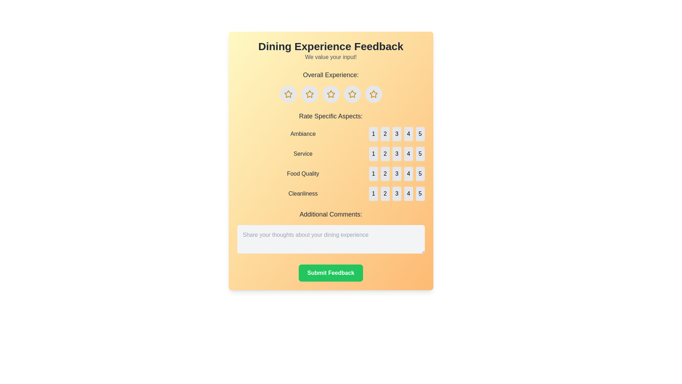 The image size is (682, 384). I want to click on the button labeled '3' in the 'Food Quality' section, so click(396, 174).